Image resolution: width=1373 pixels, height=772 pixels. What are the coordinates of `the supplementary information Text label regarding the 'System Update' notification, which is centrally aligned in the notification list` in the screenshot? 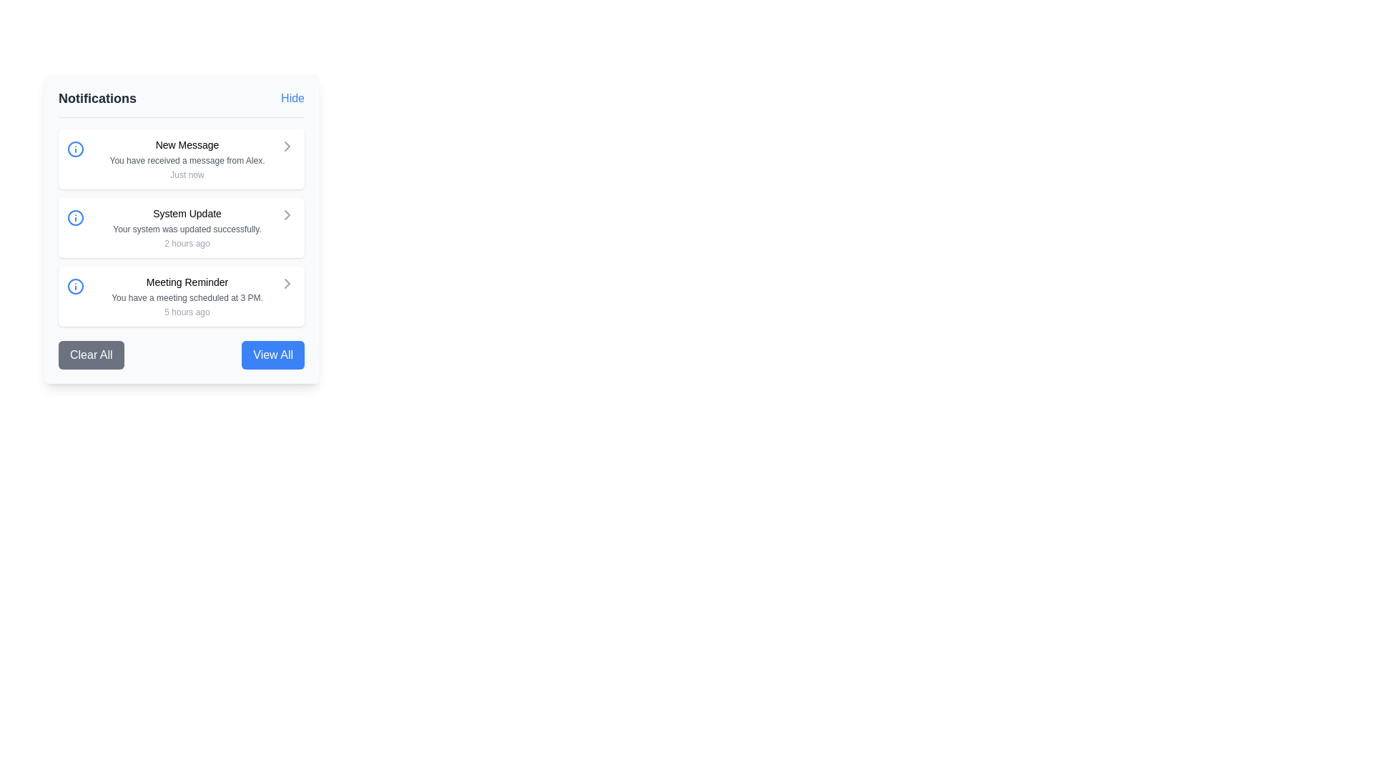 It's located at (187, 228).